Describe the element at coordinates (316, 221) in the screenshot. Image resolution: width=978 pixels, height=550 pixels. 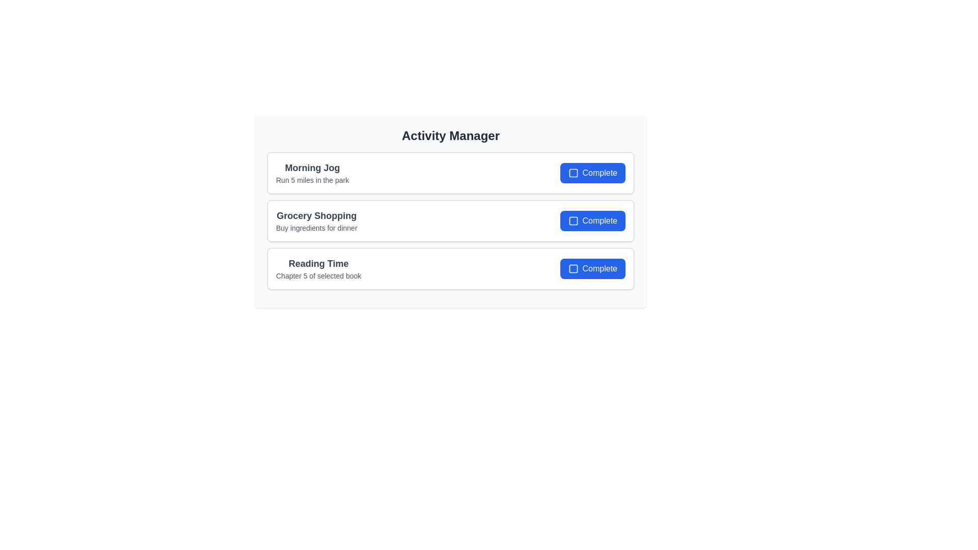
I see `the text element representing a to-do list item, specifically the one between 'Morning Jog' and 'Reading Time', located on the left-hand side of the 'Complete' button` at that location.